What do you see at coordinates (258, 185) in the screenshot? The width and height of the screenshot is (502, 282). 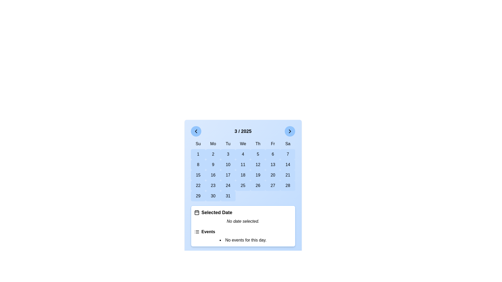 I see `the date '26' button in the calendar view` at bounding box center [258, 185].